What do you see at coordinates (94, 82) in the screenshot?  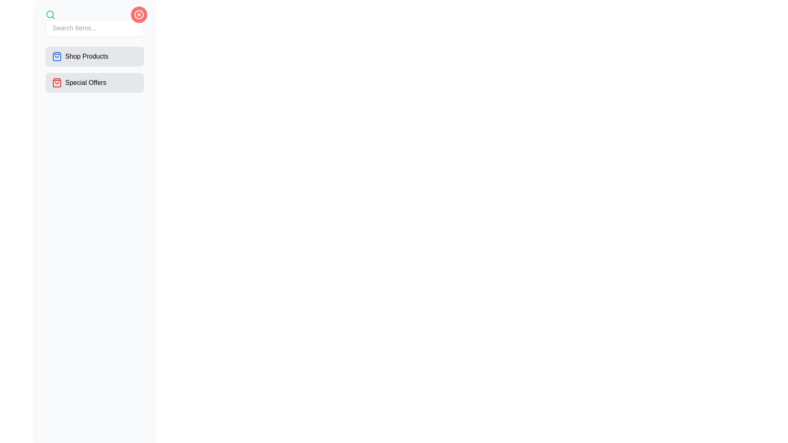 I see `the 'Special Offers' button` at bounding box center [94, 82].